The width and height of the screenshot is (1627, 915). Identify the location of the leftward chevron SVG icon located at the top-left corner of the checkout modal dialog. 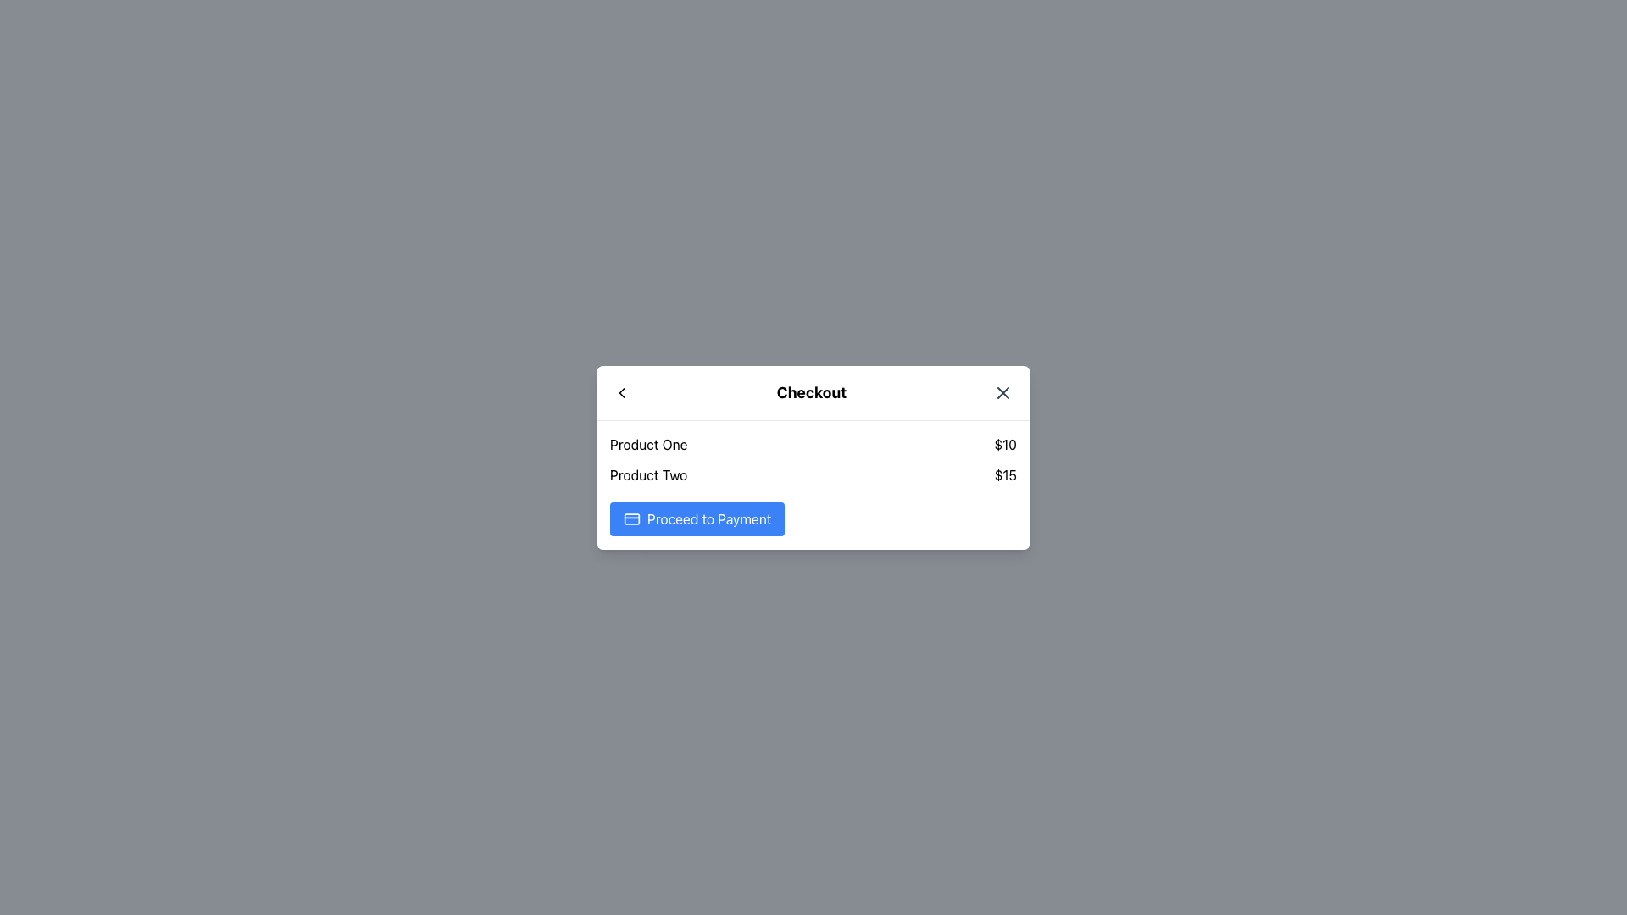
(621, 391).